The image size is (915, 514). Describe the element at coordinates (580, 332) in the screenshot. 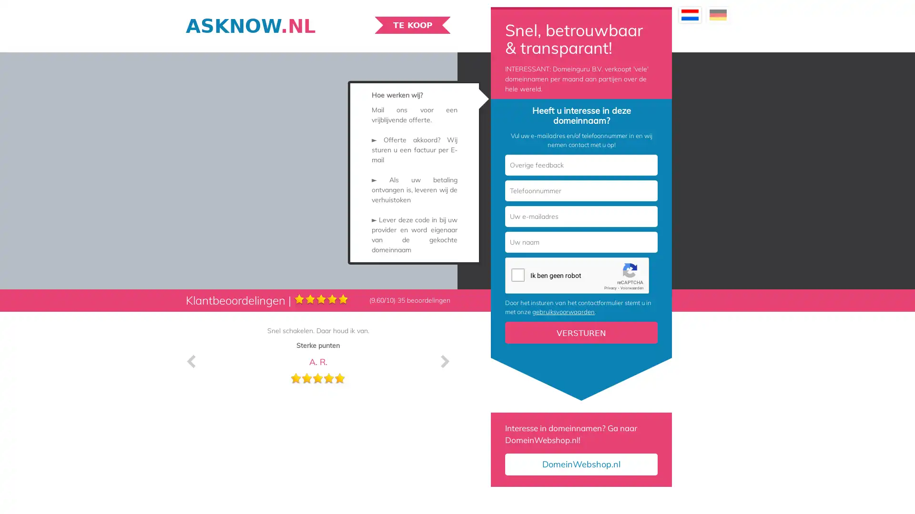

I see `Versturen` at that location.